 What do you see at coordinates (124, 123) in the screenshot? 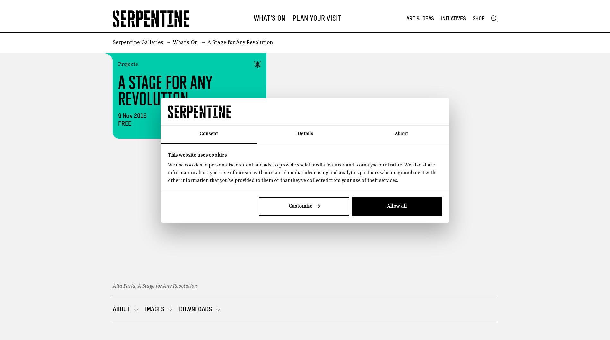
I see `'Free'` at bounding box center [124, 123].